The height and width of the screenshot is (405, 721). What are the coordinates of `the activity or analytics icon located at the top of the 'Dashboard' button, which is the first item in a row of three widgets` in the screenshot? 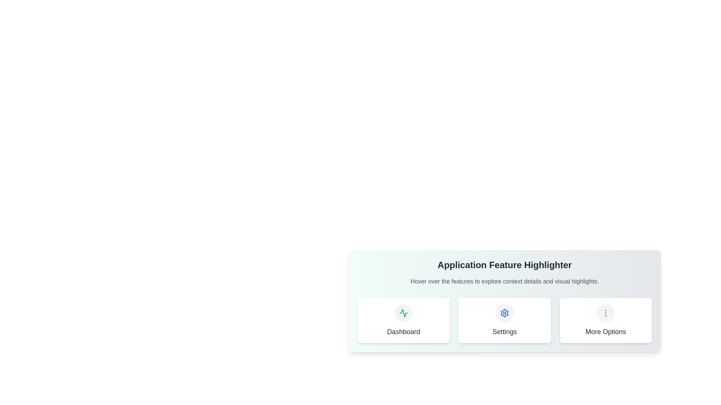 It's located at (403, 313).